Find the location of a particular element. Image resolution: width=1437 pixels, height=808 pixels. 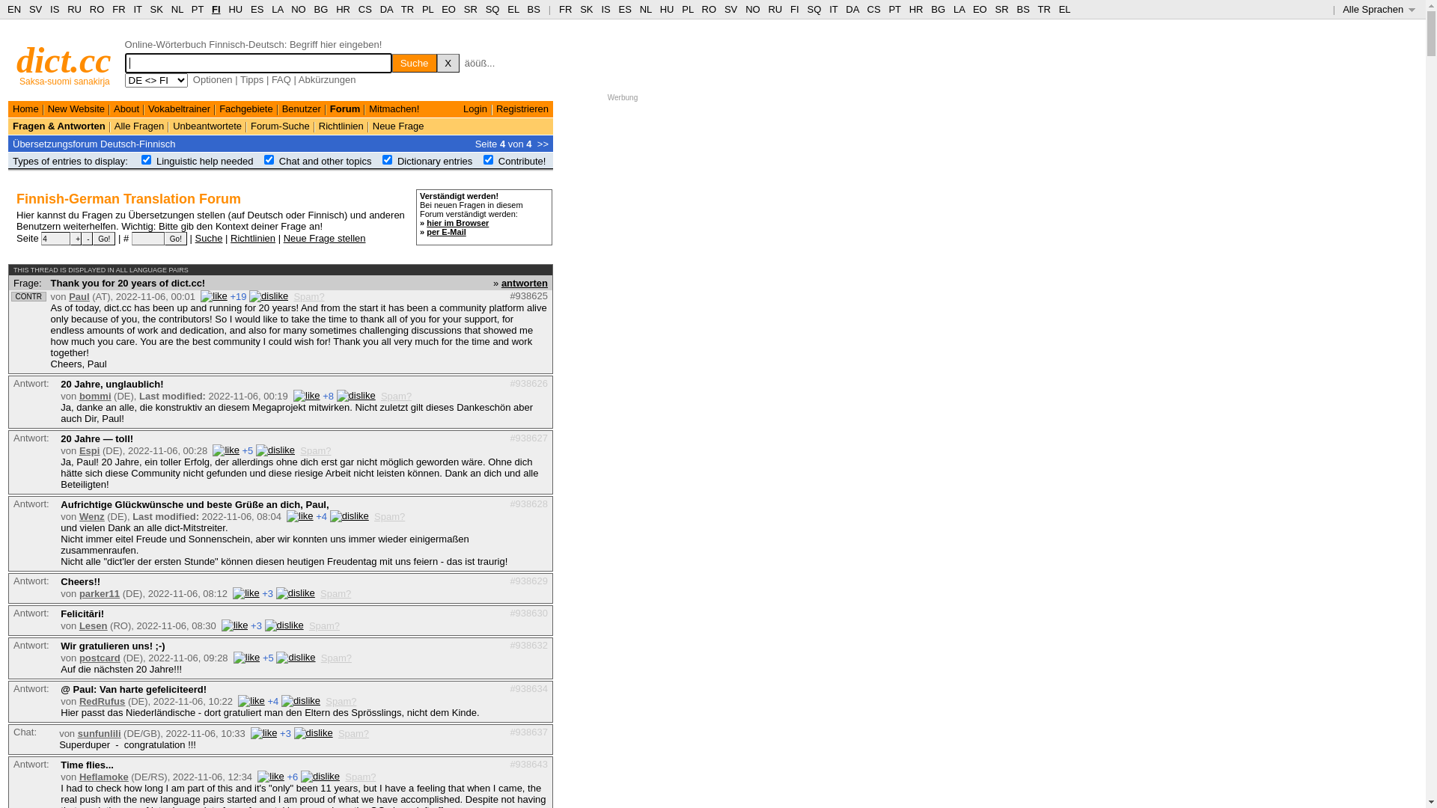

'Unbeantwortete' is located at coordinates (172, 125).